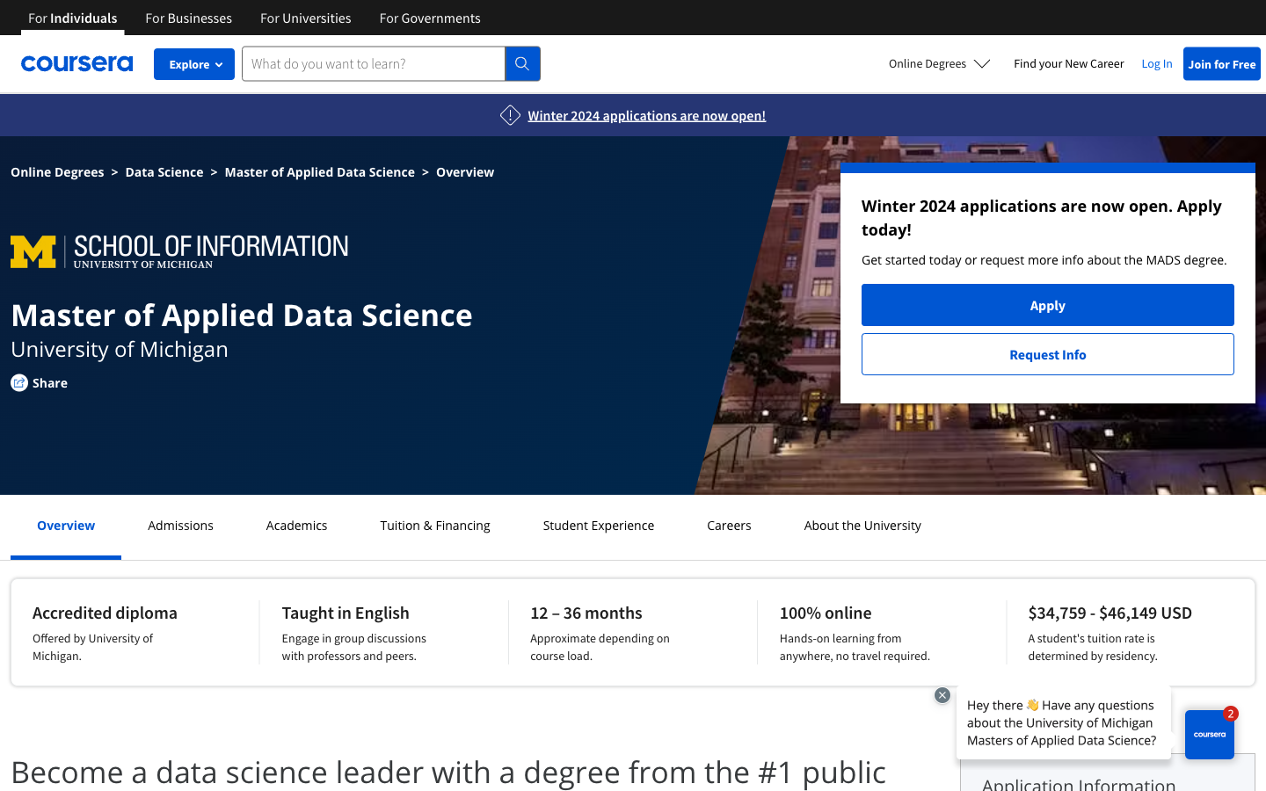  Describe the element at coordinates (164, 171) in the screenshot. I see `the Masters course of Data Science at University of Michigan` at that location.